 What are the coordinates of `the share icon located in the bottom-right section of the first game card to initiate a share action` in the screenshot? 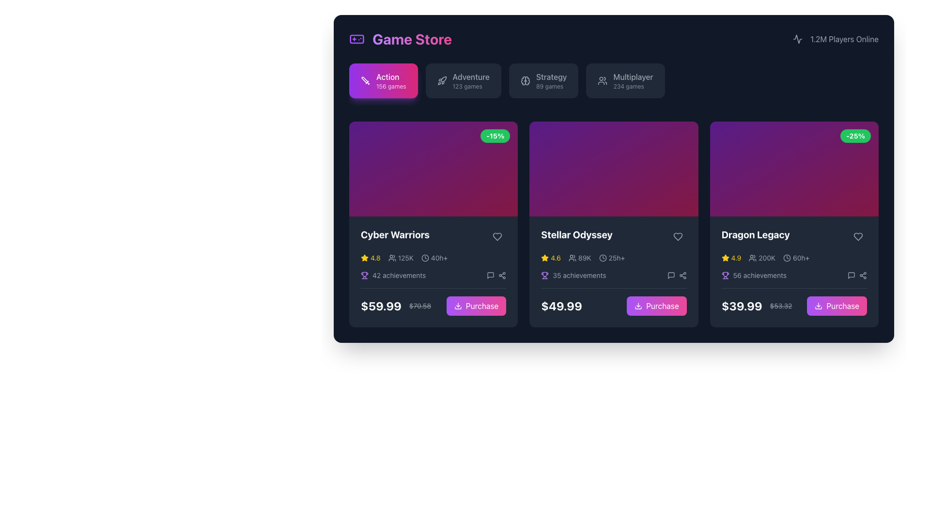 It's located at (502, 275).